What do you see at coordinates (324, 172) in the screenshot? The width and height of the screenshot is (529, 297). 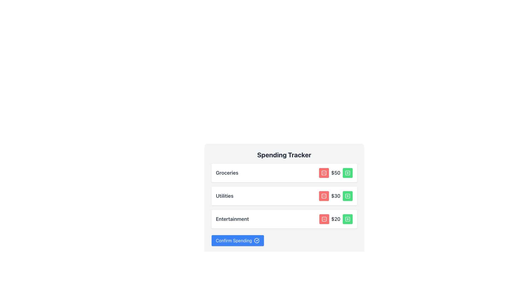 I see `the decorative element of the minus button associated with the 'Groceries' entry in the spending tracker interface` at bounding box center [324, 172].